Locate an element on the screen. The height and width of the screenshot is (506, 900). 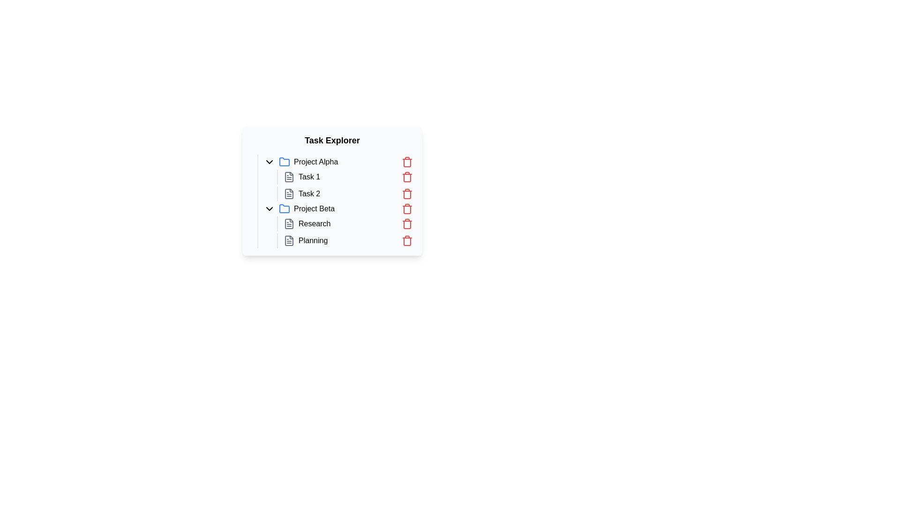
the 'Task 1' text label, which serves as an informational identifier for a specific task under the 'Project Alpha' section in the task explorer interface is located at coordinates (309, 177).